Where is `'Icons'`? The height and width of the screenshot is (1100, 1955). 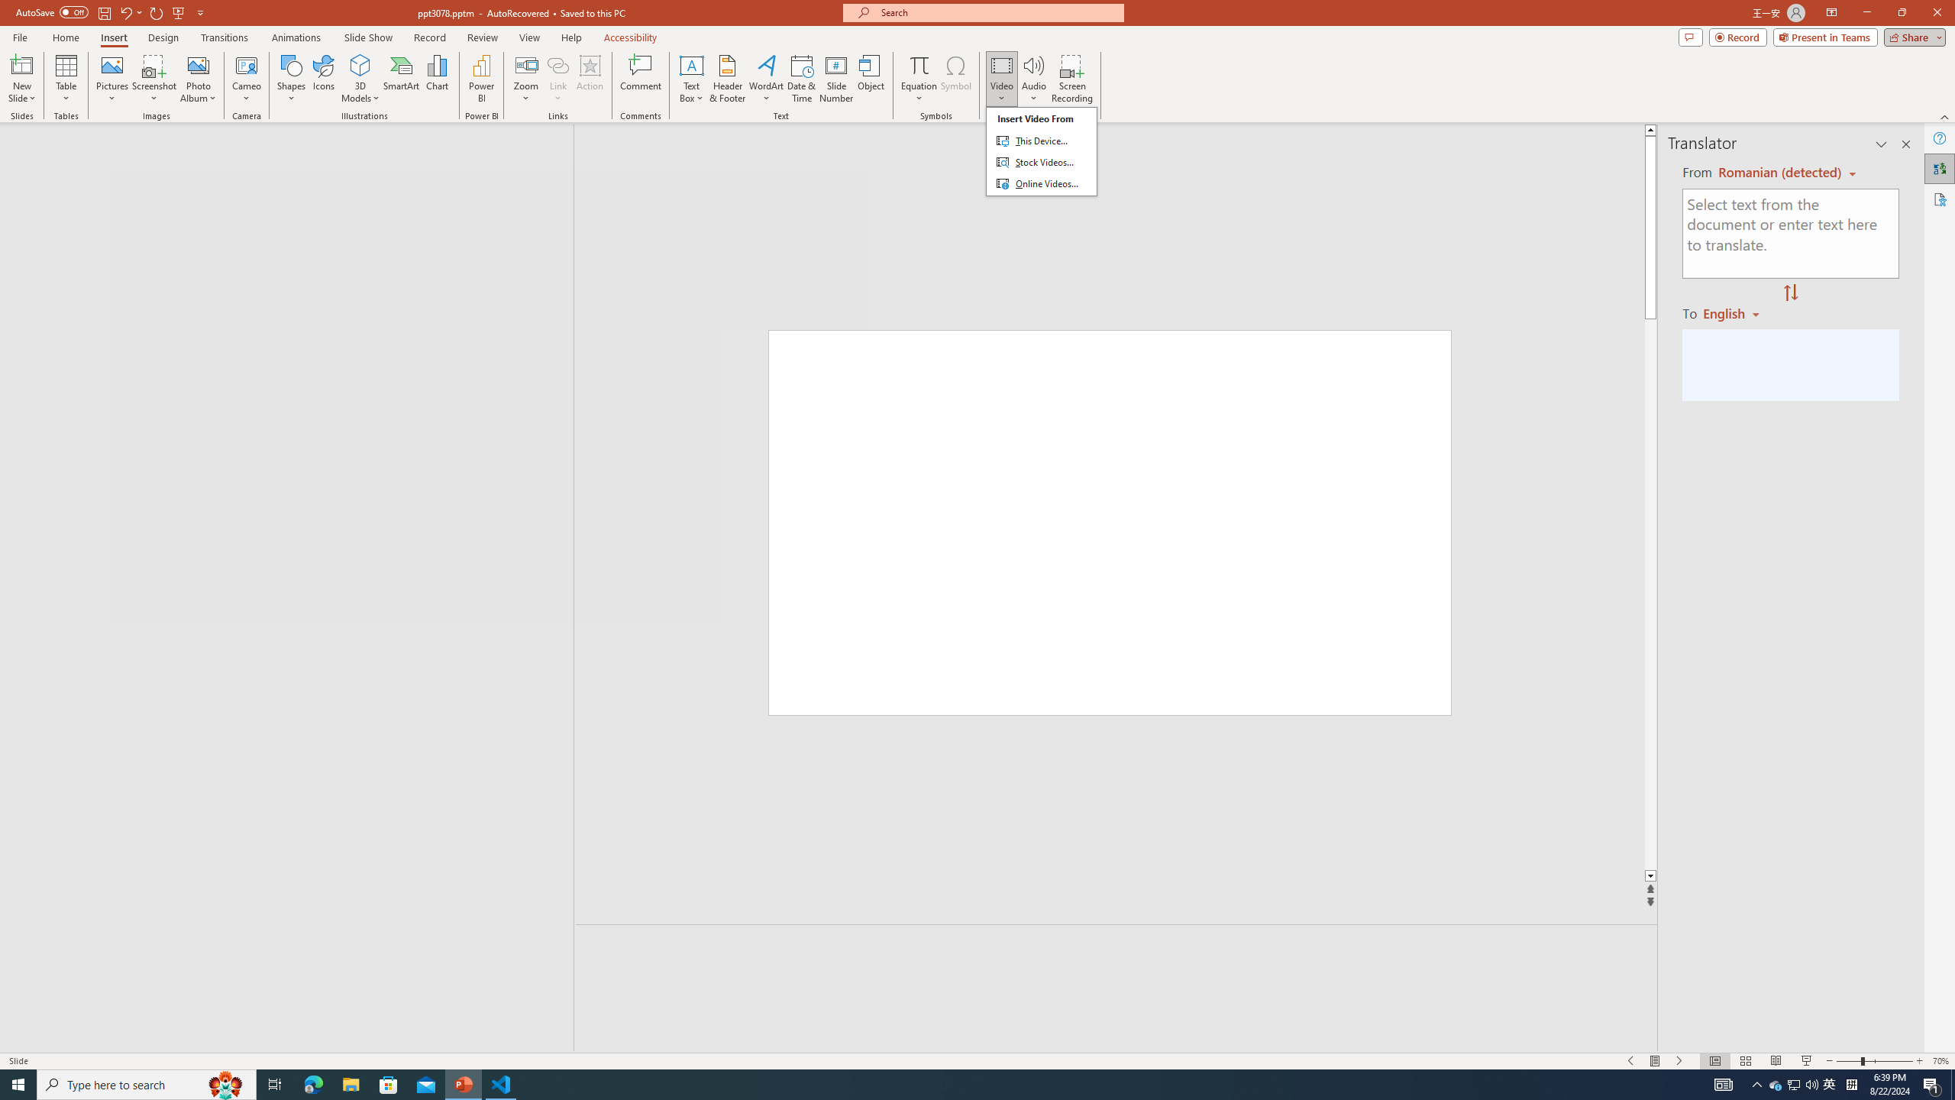
'Icons' is located at coordinates (323, 79).